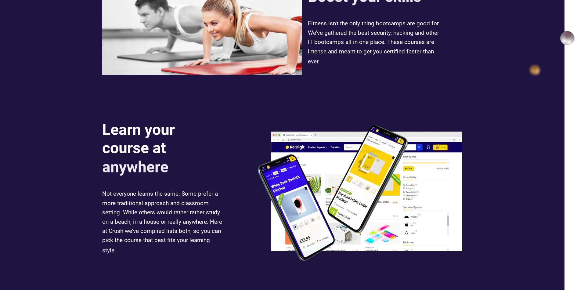 Image resolution: width=577 pixels, height=290 pixels. Describe the element at coordinates (139, 138) in the screenshot. I see `'Learn your'` at that location.